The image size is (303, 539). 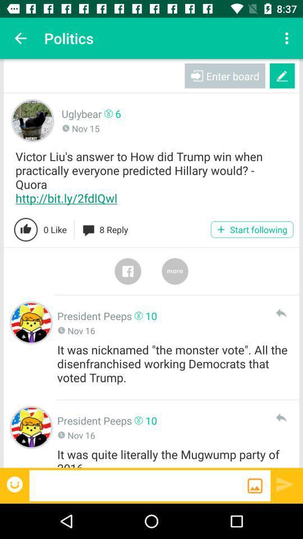 I want to click on writing comments box, so click(x=138, y=485).